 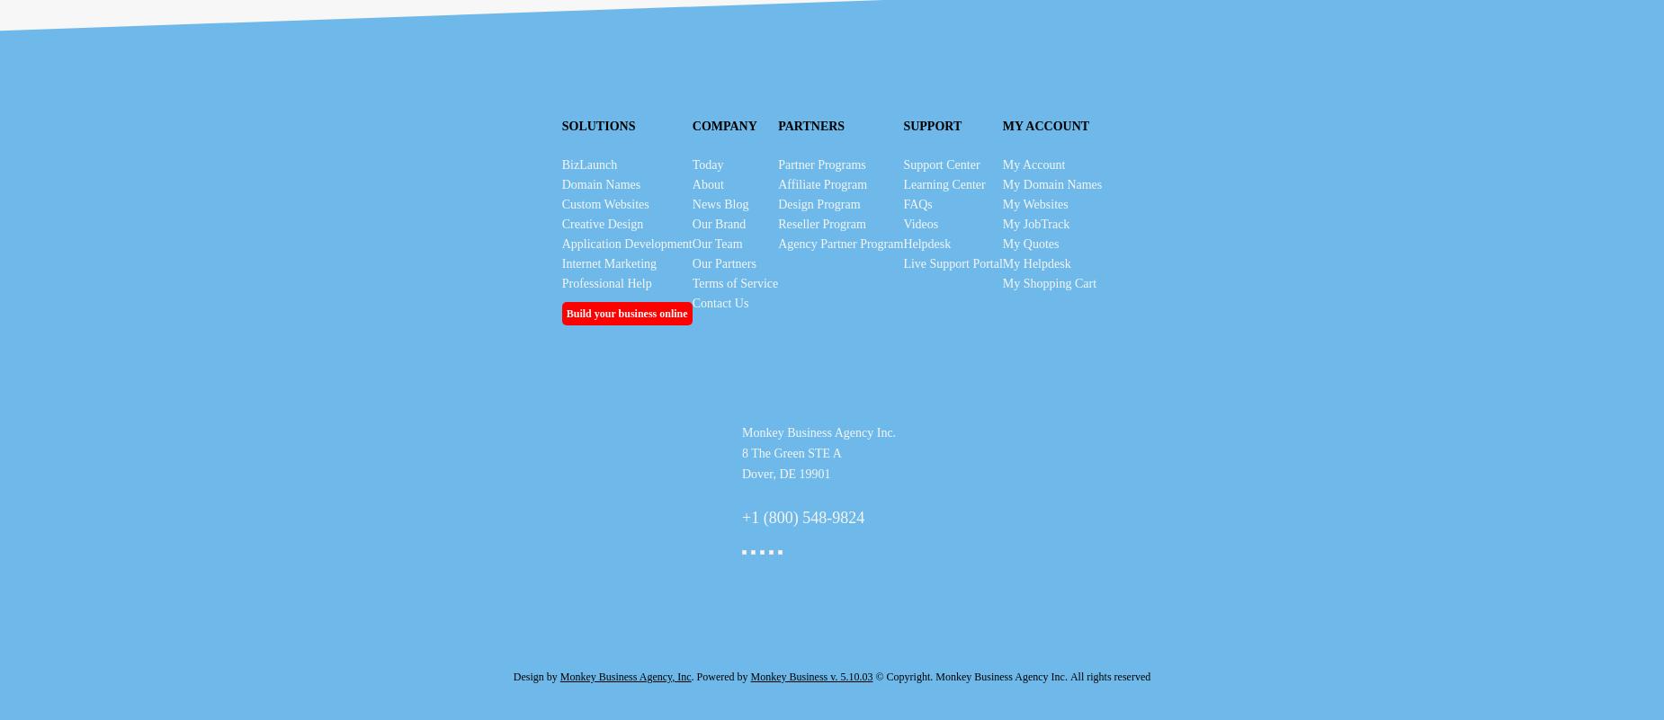 What do you see at coordinates (1034, 224) in the screenshot?
I see `'My JobTrack'` at bounding box center [1034, 224].